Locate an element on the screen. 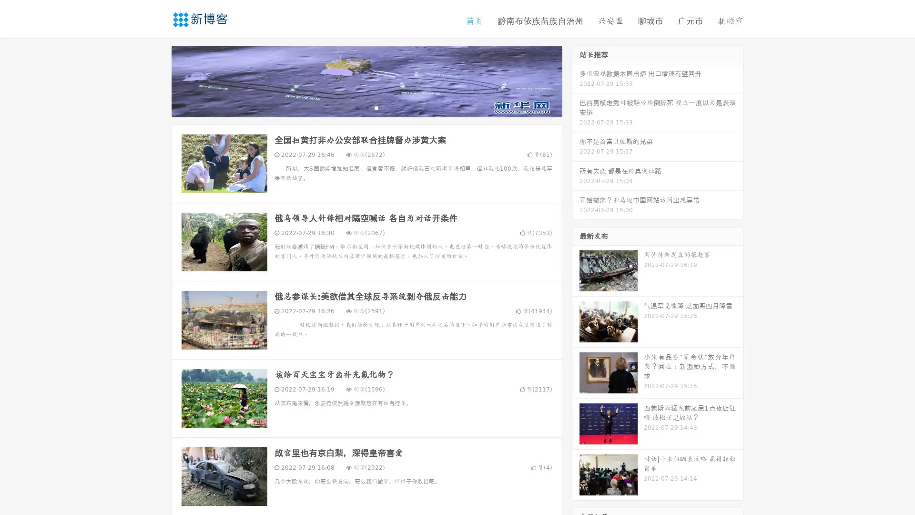 This screenshot has width=915, height=515. Go to slide 1 is located at coordinates (356, 107).